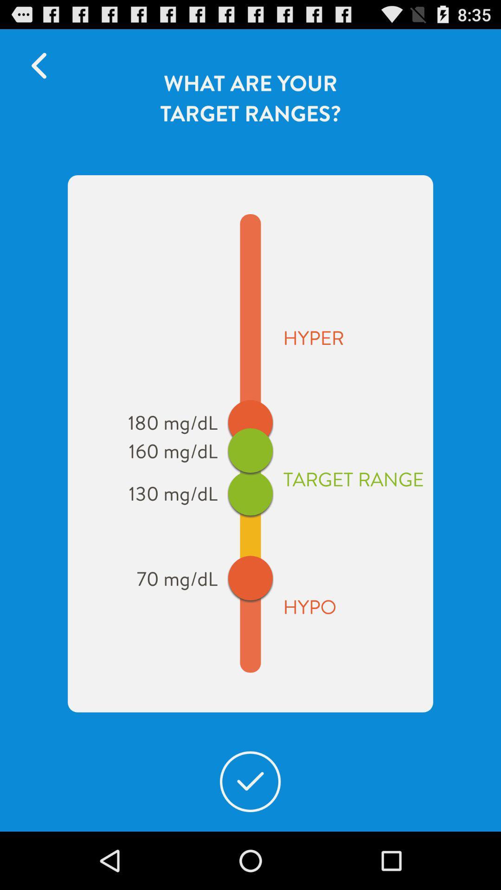  What do you see at coordinates (43, 65) in the screenshot?
I see `item at the top left corner` at bounding box center [43, 65].